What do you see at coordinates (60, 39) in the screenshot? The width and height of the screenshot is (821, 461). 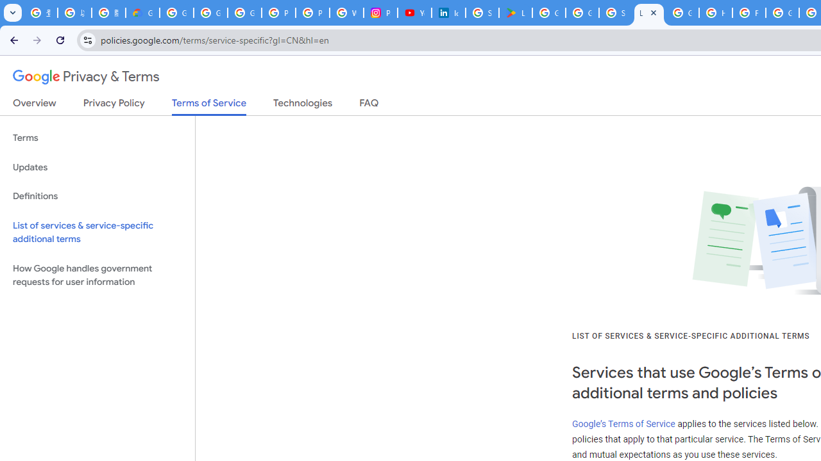 I see `'Reload'` at bounding box center [60, 39].